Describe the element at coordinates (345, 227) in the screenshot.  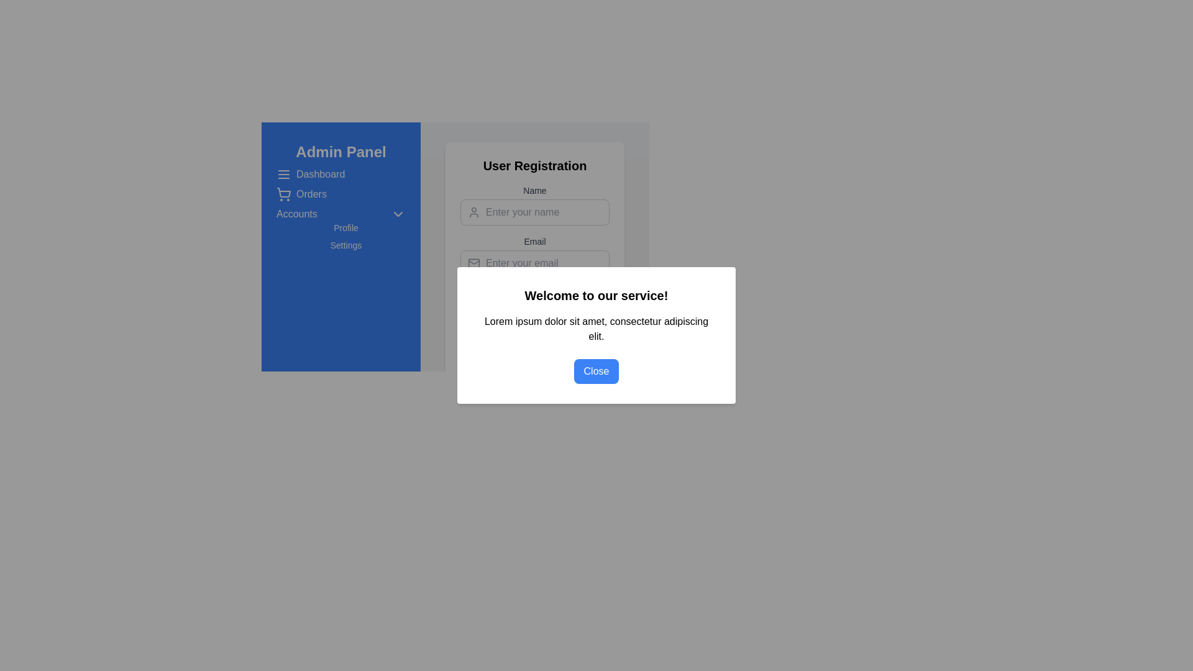
I see `the 'Profile' text label in the Accounts menu` at that location.